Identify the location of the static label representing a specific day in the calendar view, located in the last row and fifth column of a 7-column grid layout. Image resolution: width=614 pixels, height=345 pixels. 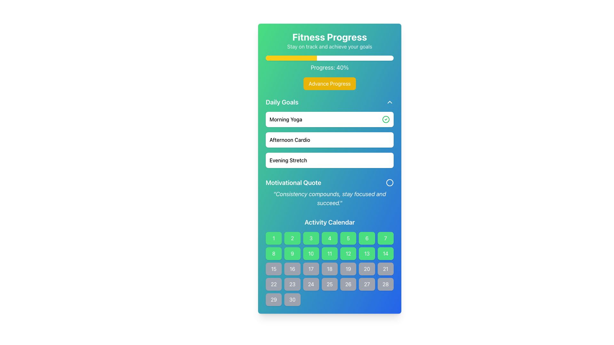
(348, 284).